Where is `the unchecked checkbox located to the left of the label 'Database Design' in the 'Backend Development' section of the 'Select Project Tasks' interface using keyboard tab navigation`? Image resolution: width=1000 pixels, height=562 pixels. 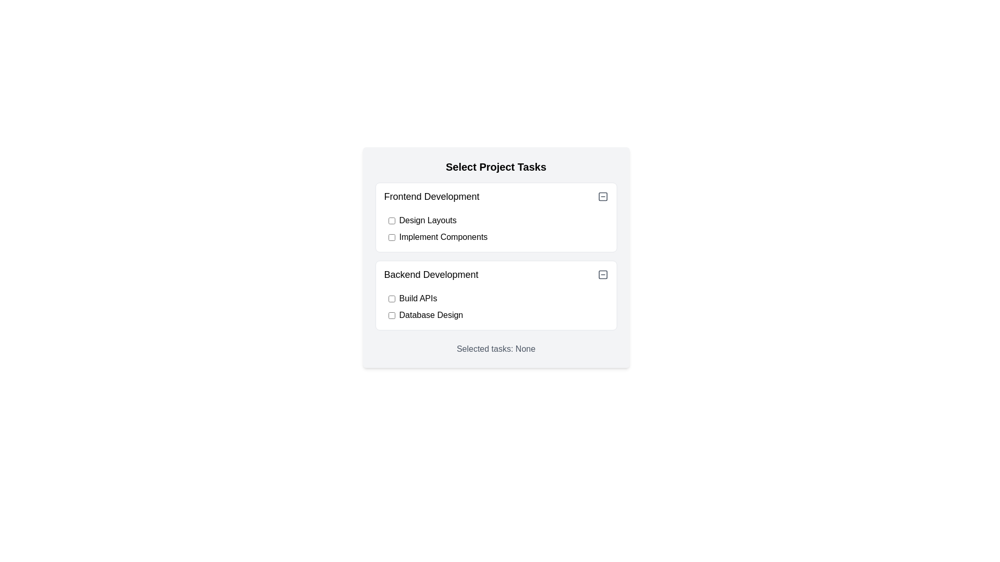 the unchecked checkbox located to the left of the label 'Database Design' in the 'Backend Development' section of the 'Select Project Tasks' interface using keyboard tab navigation is located at coordinates (391, 314).